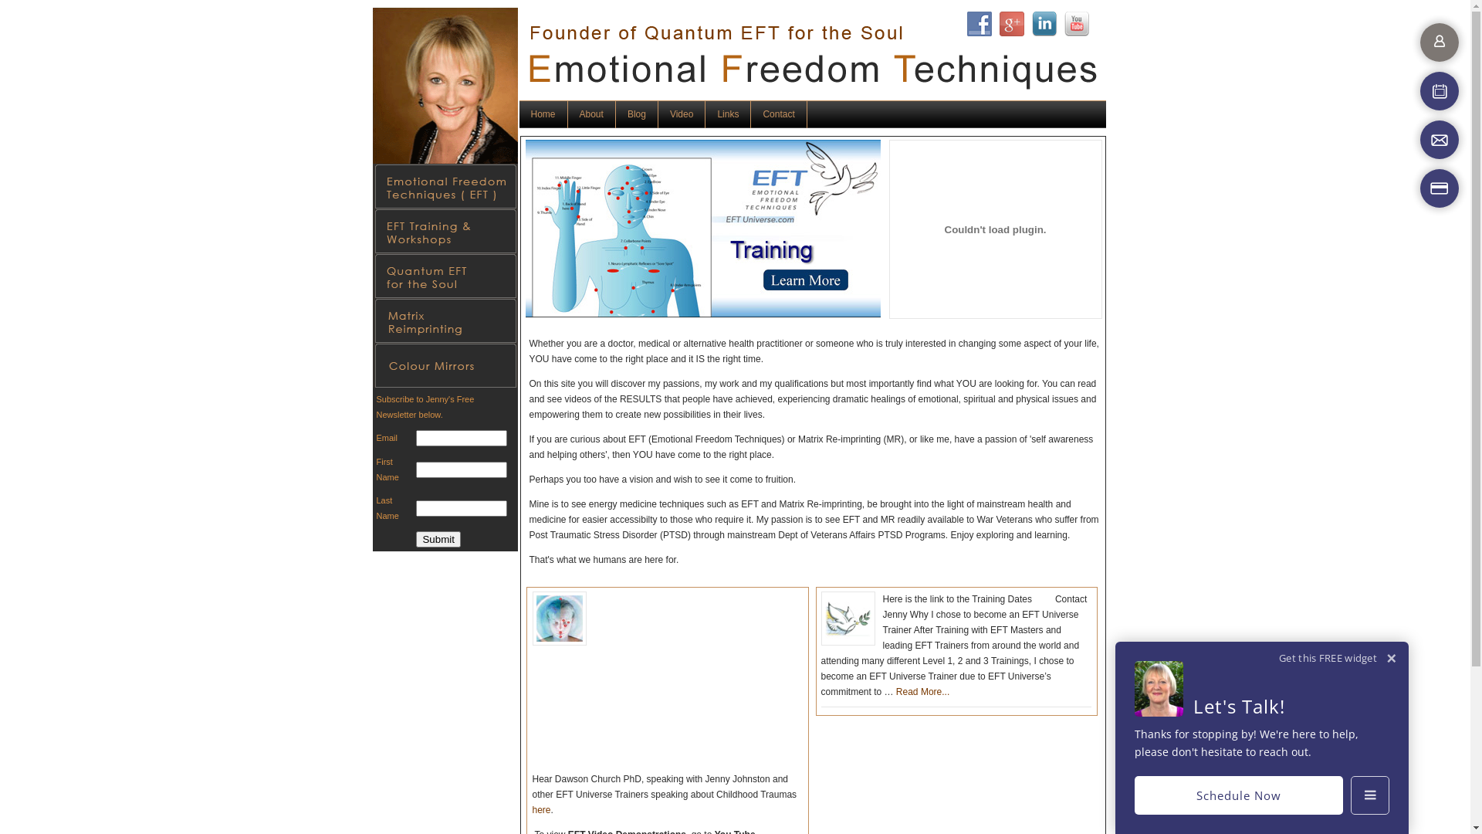 This screenshot has height=834, width=1482. I want to click on 'here', so click(541, 809).